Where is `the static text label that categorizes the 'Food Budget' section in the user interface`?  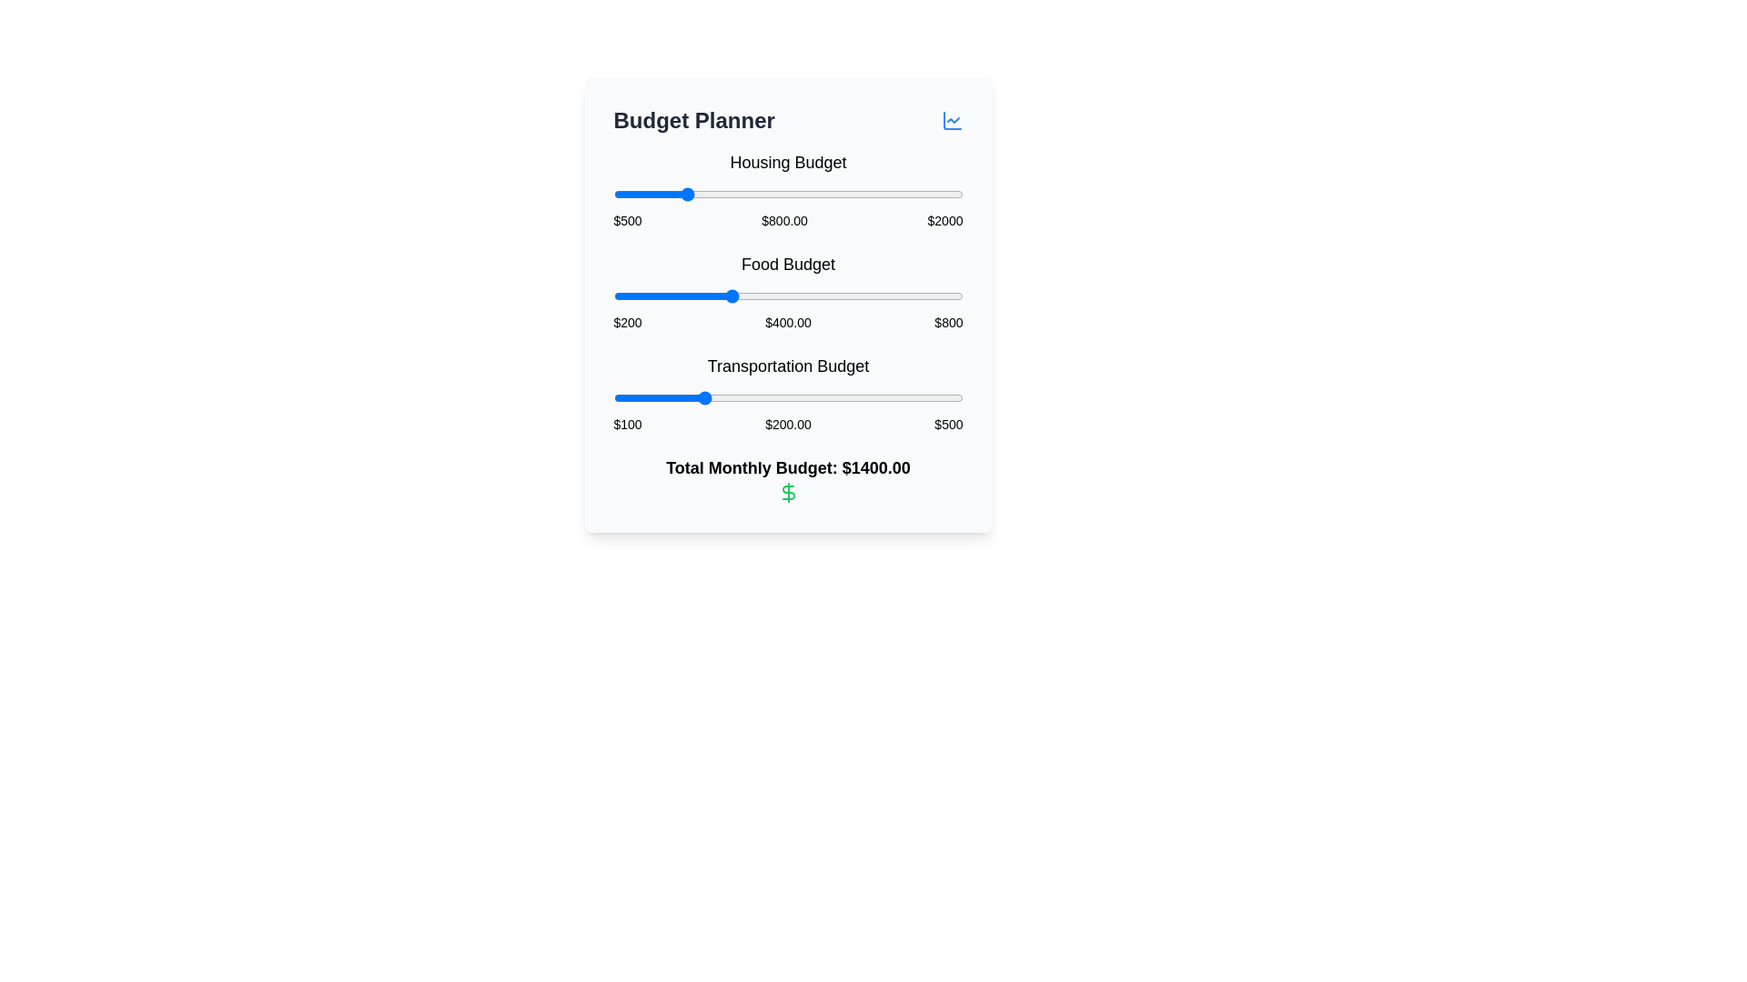
the static text label that categorizes the 'Food Budget' section in the user interface is located at coordinates (788, 264).